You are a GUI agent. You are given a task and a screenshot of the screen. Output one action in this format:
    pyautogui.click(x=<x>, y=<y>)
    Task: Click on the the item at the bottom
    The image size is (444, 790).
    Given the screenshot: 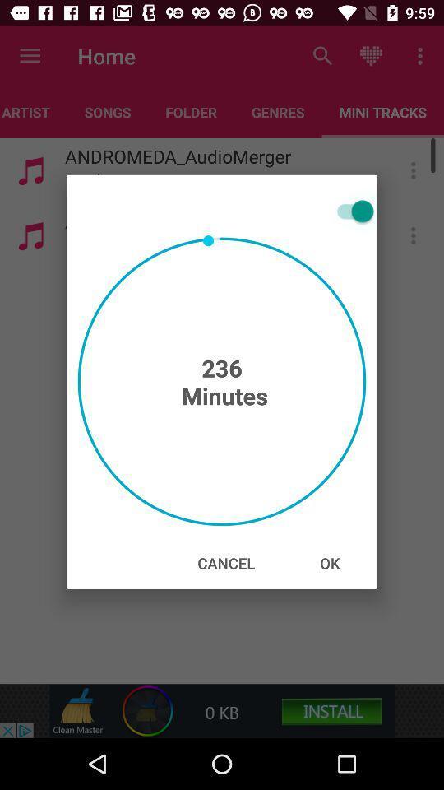 What is the action you would take?
    pyautogui.click(x=225, y=563)
    